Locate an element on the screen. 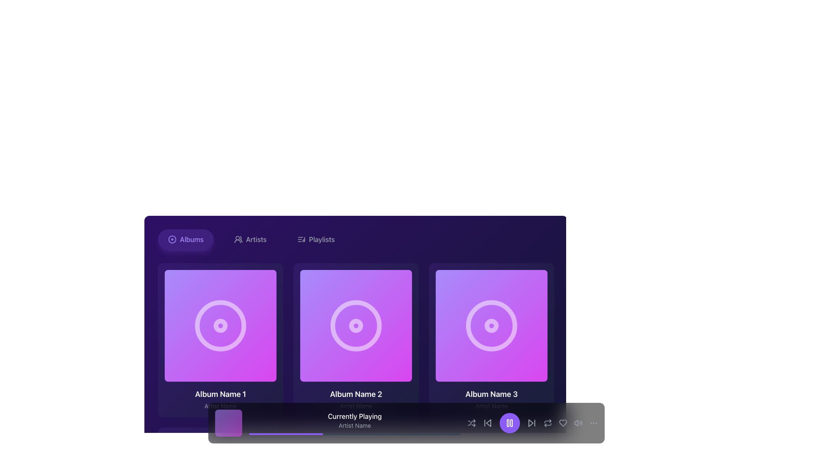  the Text Display element that shows the title and artist information of the currently playing track, located in the center of the media control bar at the bottom of the interface is located at coordinates (355, 423).